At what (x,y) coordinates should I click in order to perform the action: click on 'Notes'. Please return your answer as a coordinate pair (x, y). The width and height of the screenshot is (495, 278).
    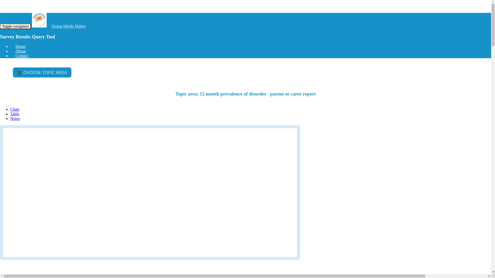
    Looking at the image, I should click on (15, 118).